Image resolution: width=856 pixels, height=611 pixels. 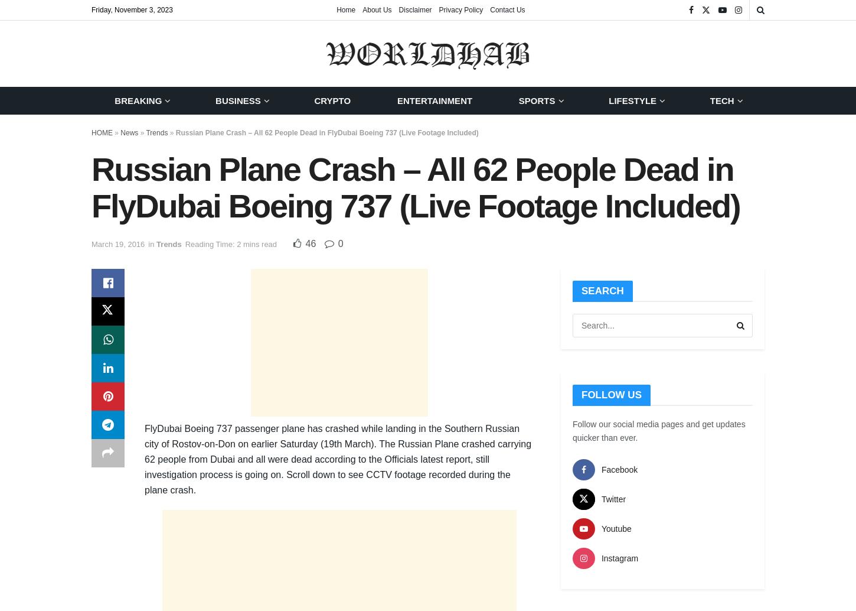 What do you see at coordinates (117, 243) in the screenshot?
I see `'March 19, 2016'` at bounding box center [117, 243].